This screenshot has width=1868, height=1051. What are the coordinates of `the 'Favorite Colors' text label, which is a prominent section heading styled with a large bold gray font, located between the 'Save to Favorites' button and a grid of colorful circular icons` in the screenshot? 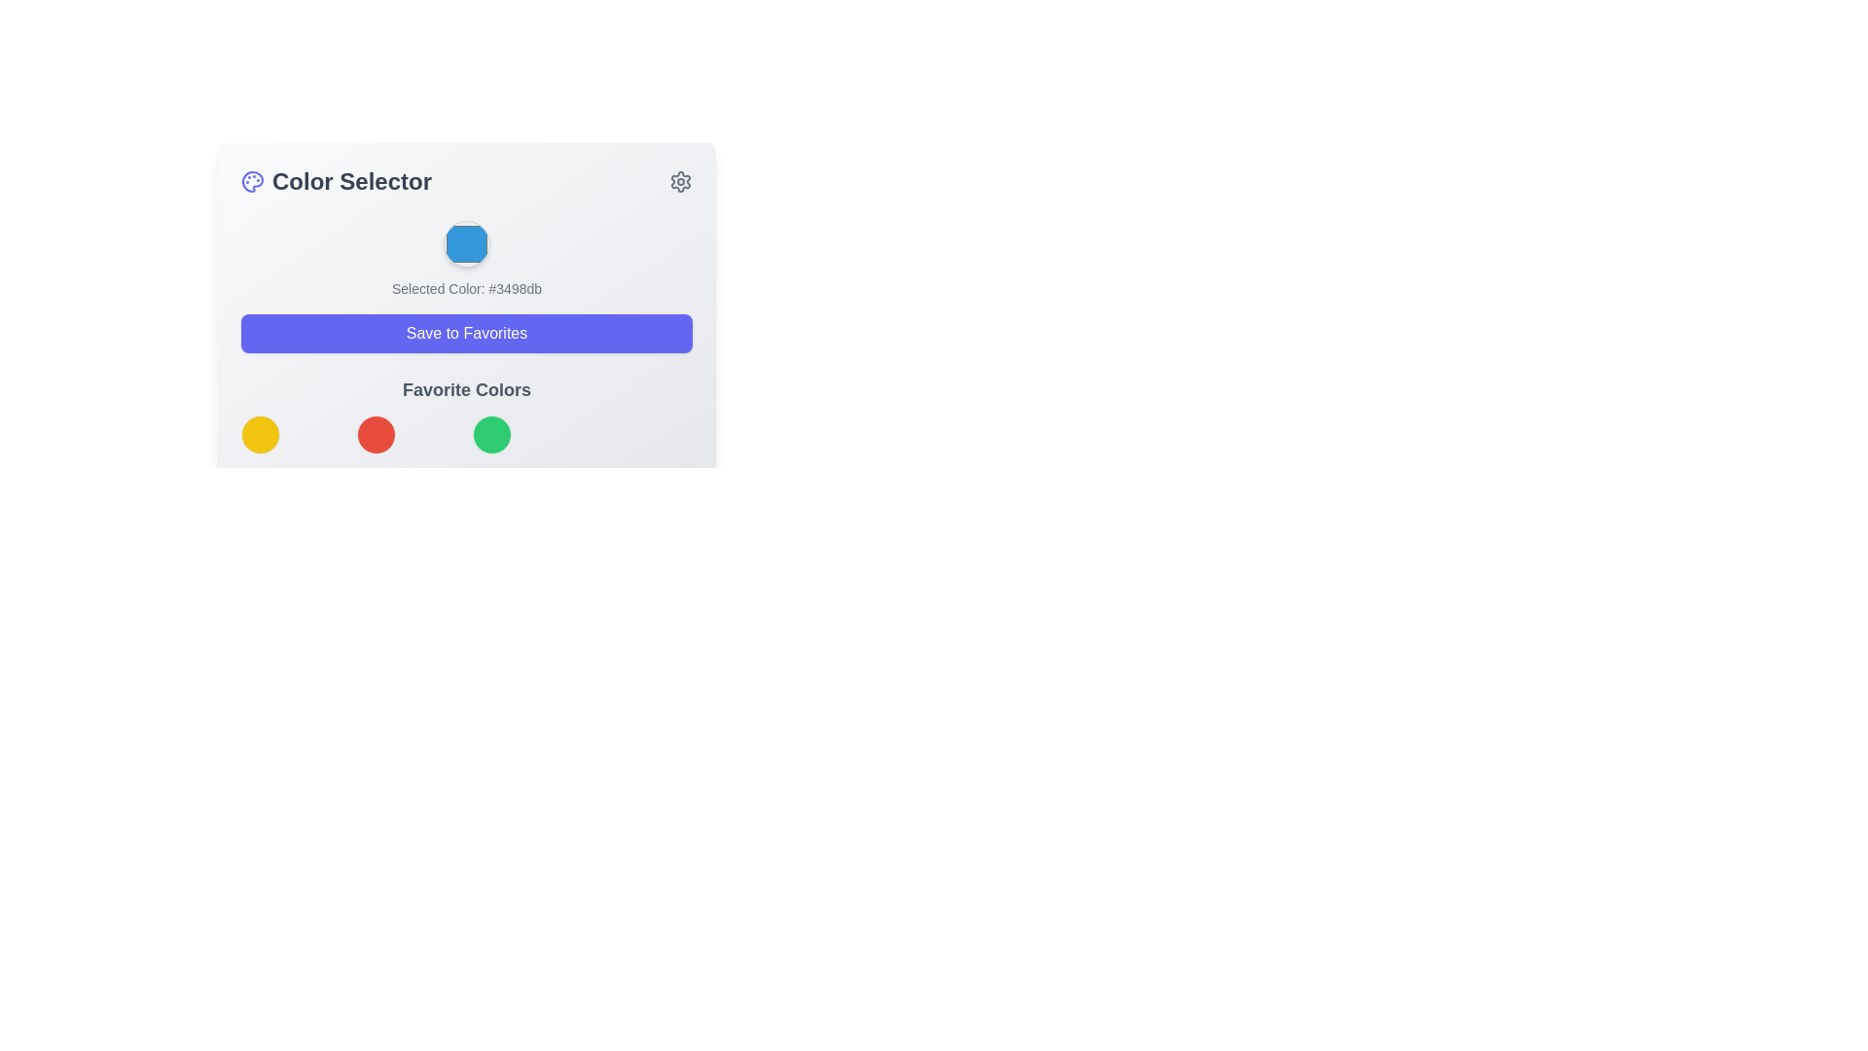 It's located at (467, 390).